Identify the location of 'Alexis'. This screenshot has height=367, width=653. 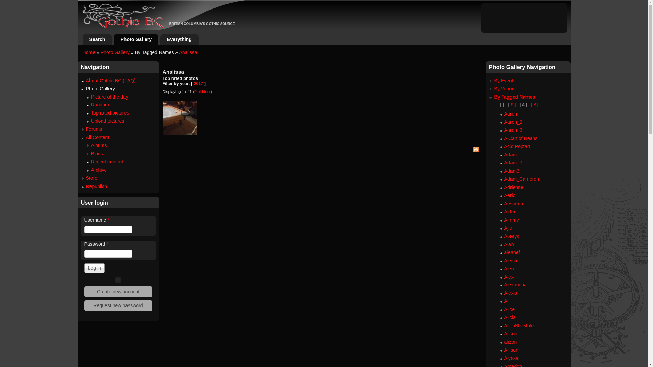
(504, 292).